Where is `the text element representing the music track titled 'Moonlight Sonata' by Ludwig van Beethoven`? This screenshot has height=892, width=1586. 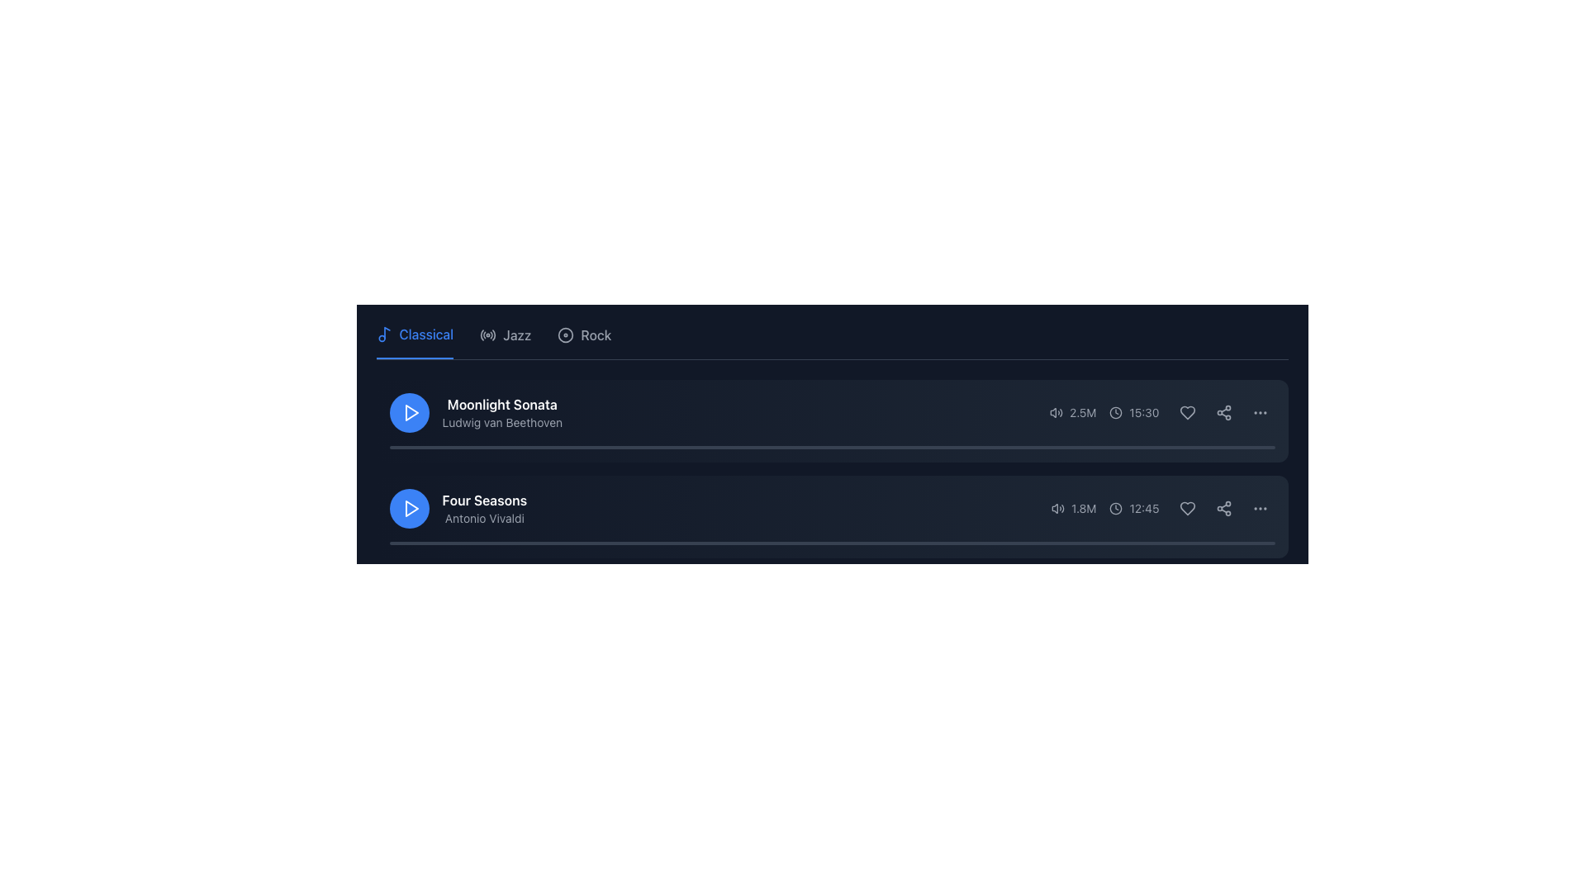
the text element representing the music track titled 'Moonlight Sonata' by Ludwig van Beethoven is located at coordinates (475, 412).